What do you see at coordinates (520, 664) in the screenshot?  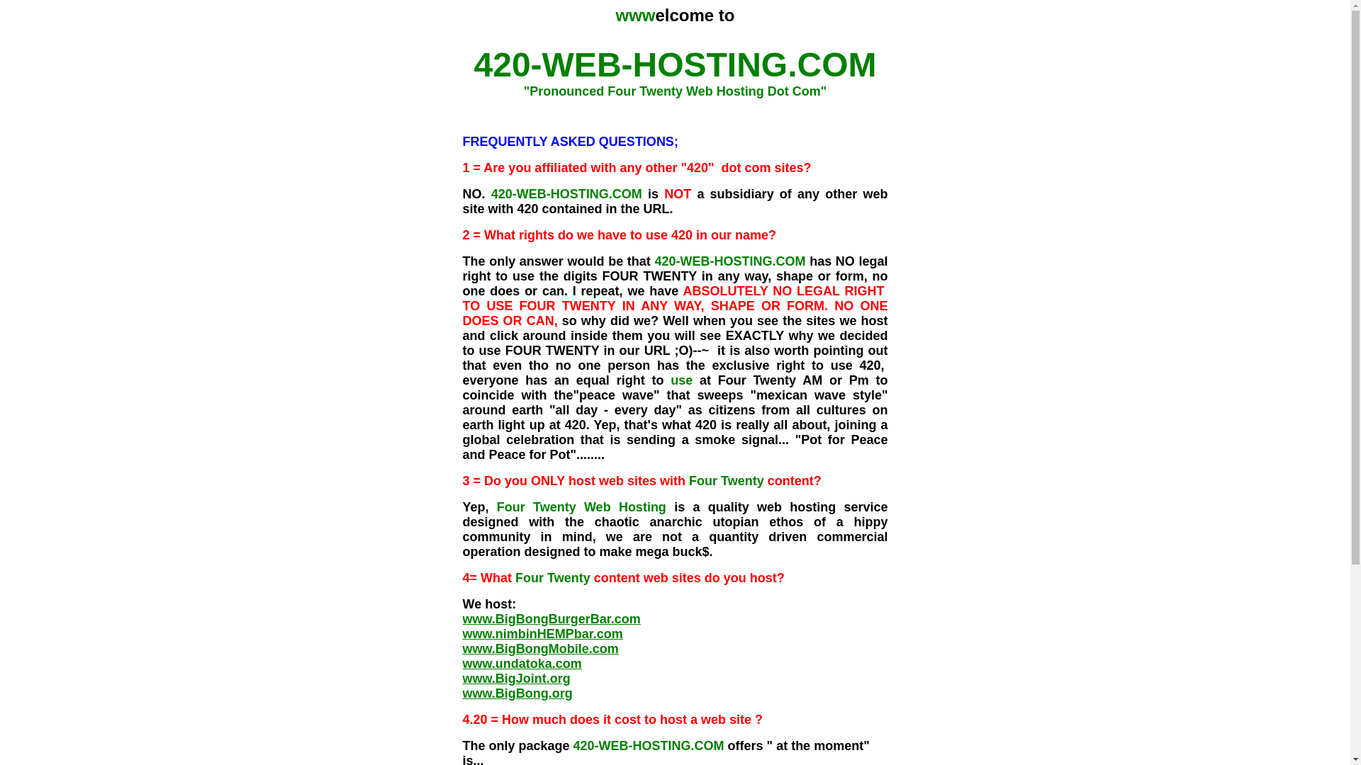 I see `'www.undatoka.com'` at bounding box center [520, 664].